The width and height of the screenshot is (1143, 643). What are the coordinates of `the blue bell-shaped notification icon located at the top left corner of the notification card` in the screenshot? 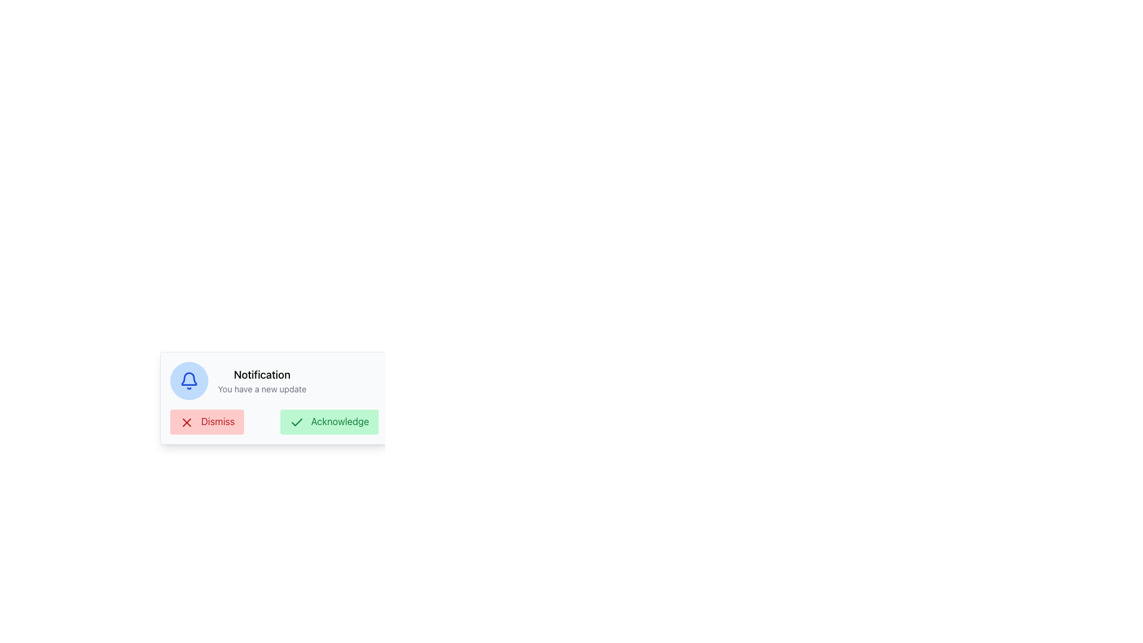 It's located at (188, 379).